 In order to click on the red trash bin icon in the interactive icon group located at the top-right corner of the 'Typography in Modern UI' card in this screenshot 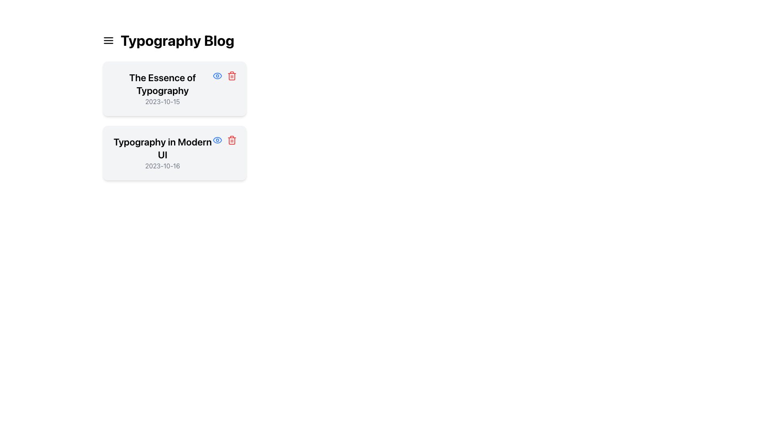, I will do `click(224, 139)`.